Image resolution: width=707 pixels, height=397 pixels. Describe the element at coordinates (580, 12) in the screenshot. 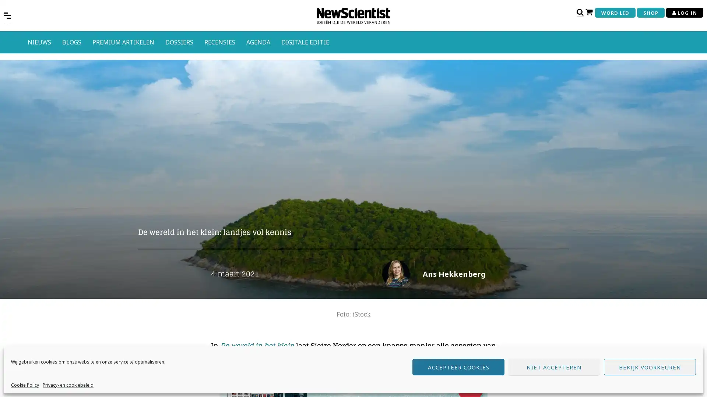

I see `Open zoekbalk` at that location.